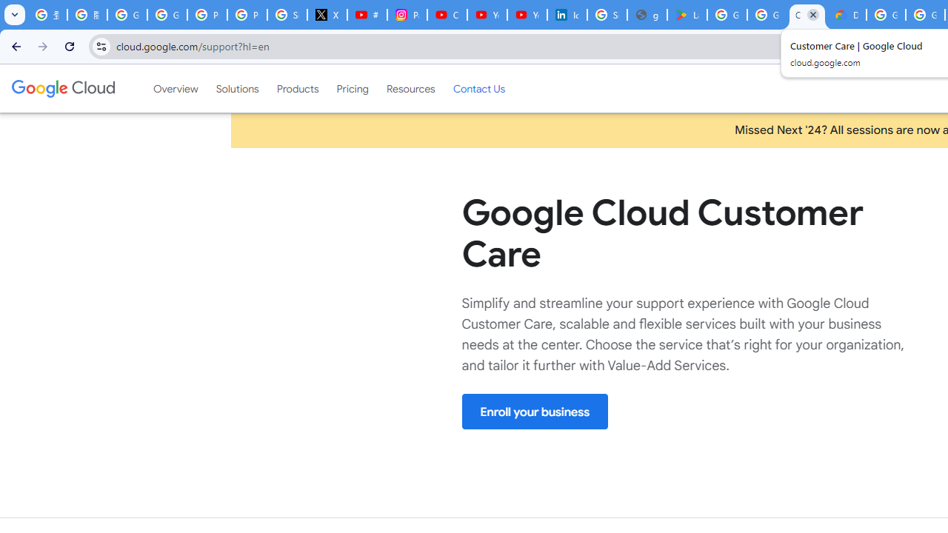 This screenshot has height=533, width=948. Describe the element at coordinates (687, 15) in the screenshot. I see `'Last Shelter: Survival - Apps on Google Play'` at that location.